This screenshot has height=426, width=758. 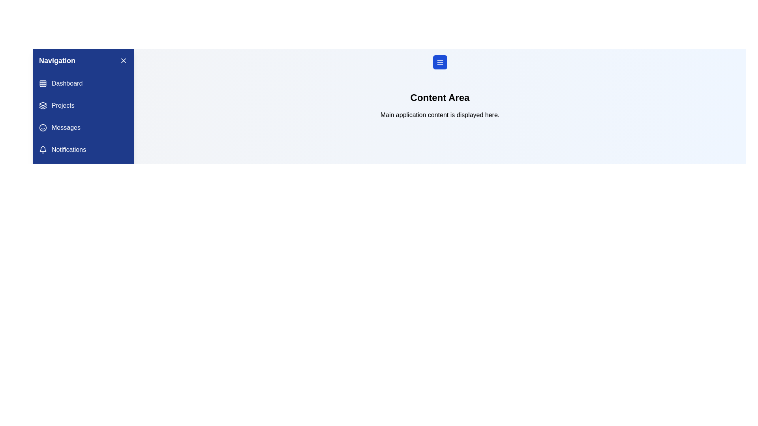 I want to click on the navigation menu item labeled Notifications, so click(x=83, y=150).